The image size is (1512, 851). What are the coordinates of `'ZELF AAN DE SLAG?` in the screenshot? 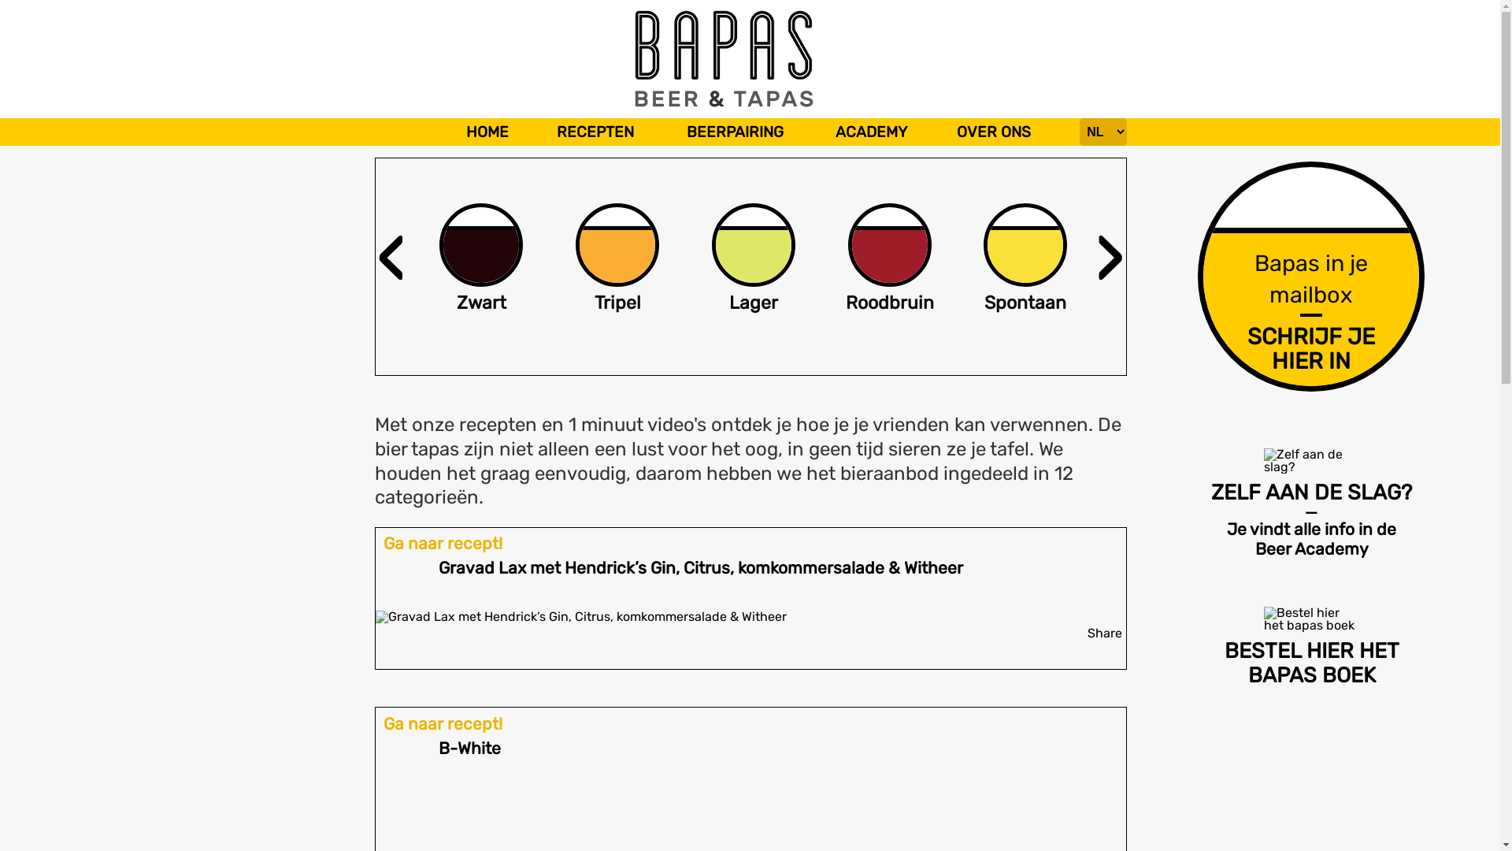 It's located at (1320, 502).